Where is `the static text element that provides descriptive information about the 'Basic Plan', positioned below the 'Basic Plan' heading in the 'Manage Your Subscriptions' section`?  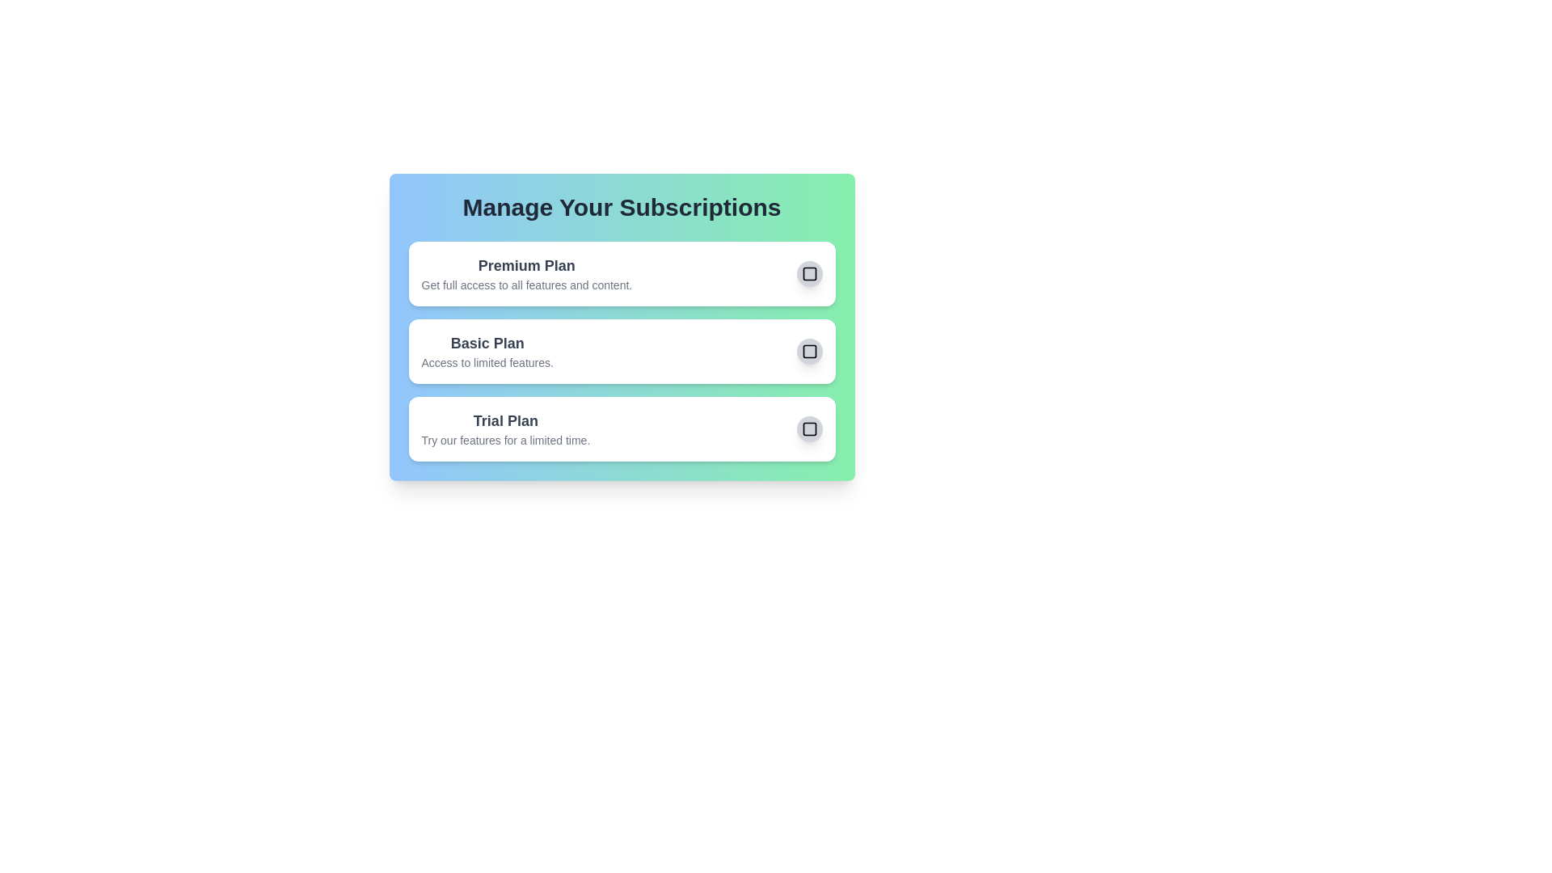
the static text element that provides descriptive information about the 'Basic Plan', positioned below the 'Basic Plan' heading in the 'Manage Your Subscriptions' section is located at coordinates (487, 361).